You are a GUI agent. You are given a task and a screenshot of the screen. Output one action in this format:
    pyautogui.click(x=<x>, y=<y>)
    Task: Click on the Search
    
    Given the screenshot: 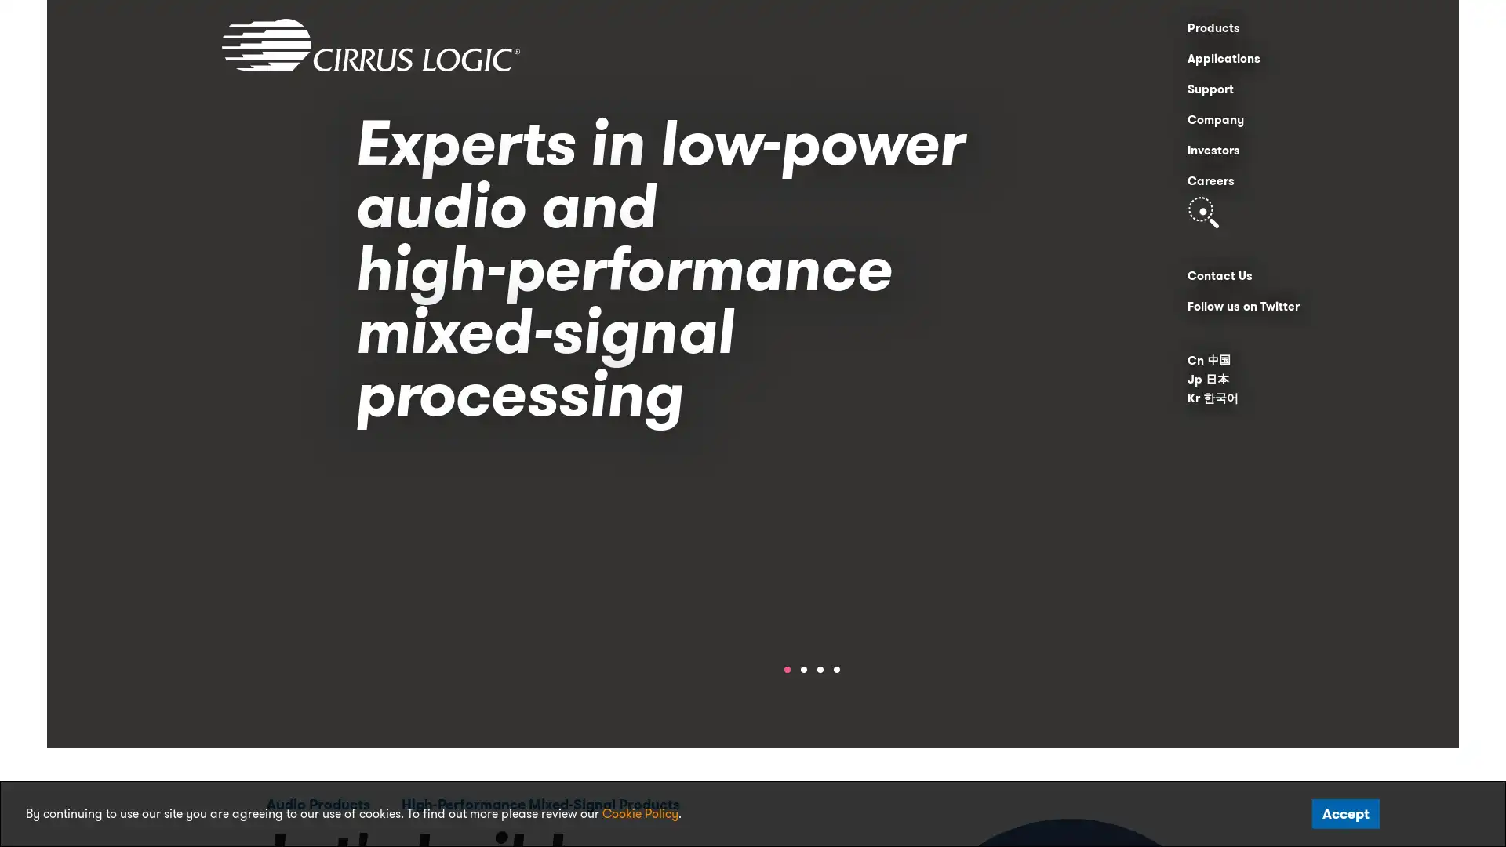 What is the action you would take?
    pyautogui.click(x=1202, y=212)
    